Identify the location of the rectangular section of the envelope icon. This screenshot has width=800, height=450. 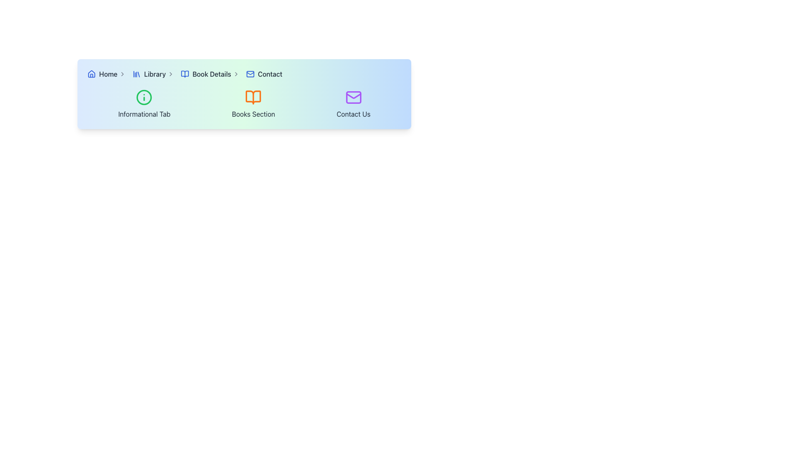
(353, 97).